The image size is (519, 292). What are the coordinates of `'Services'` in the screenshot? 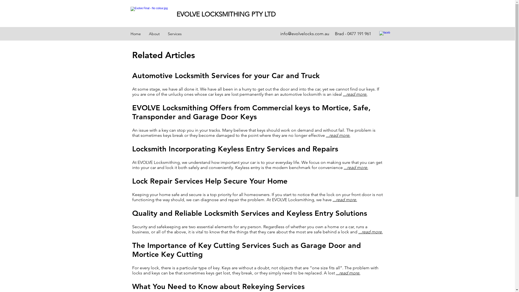 It's located at (175, 34).